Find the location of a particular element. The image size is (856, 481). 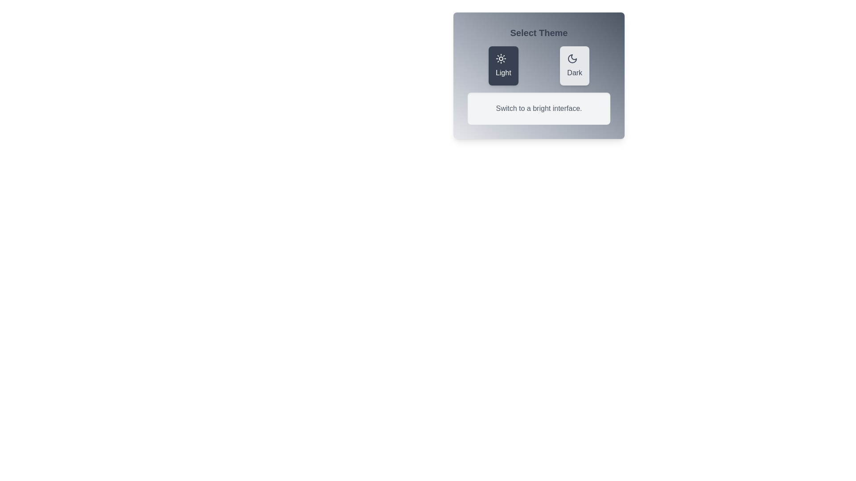

the theme Dark to view its associated icon is located at coordinates (575, 65).